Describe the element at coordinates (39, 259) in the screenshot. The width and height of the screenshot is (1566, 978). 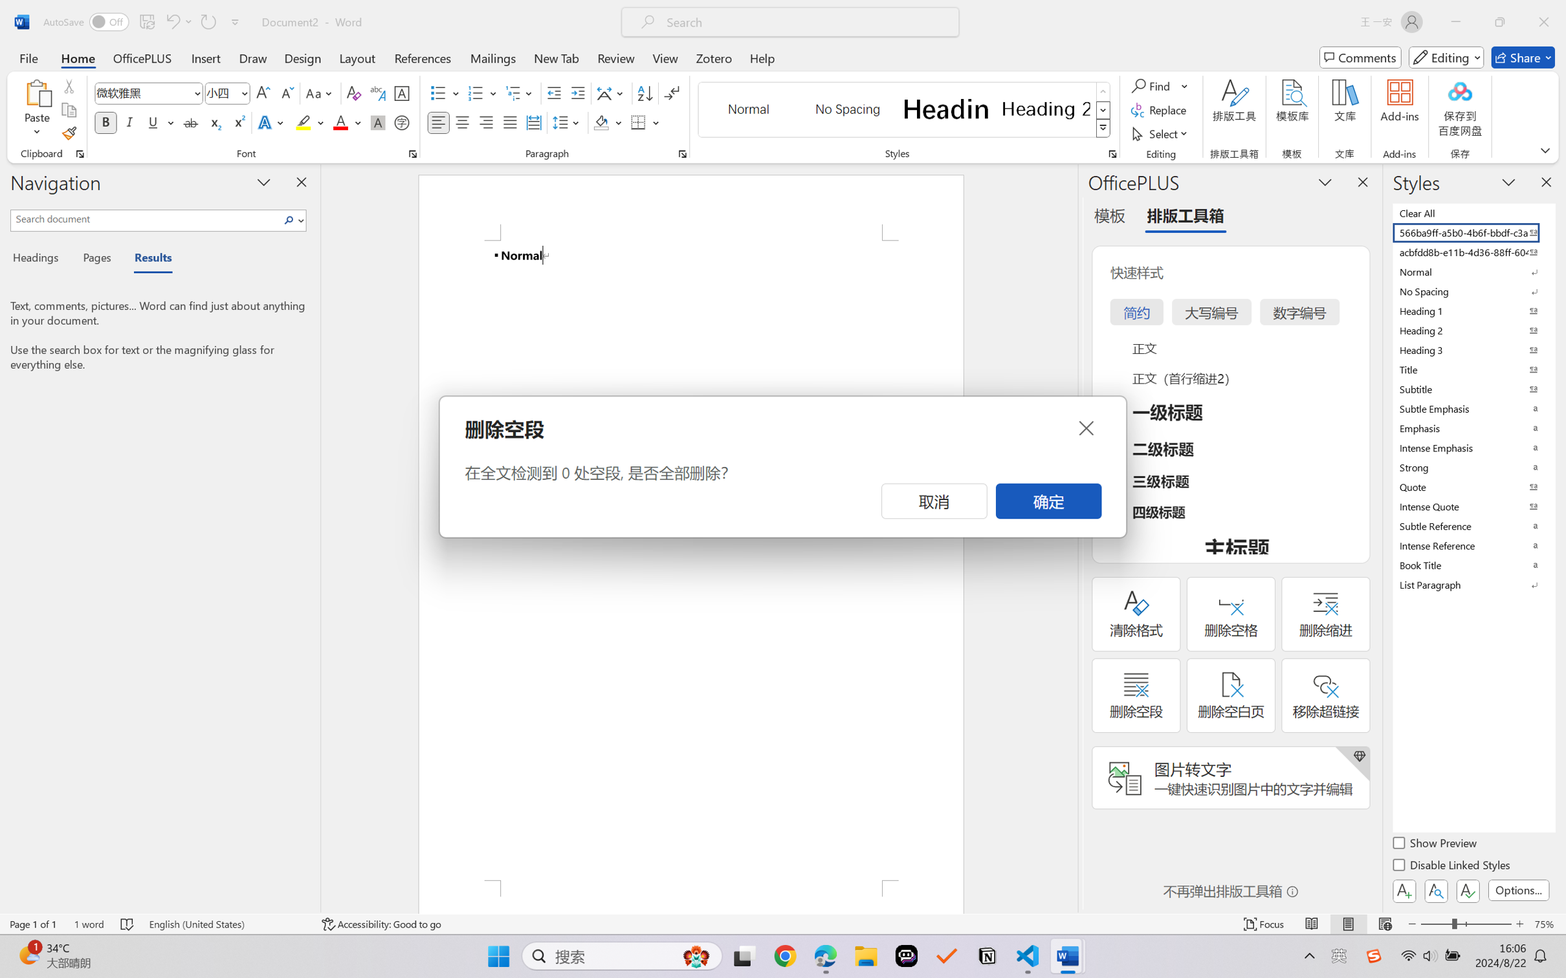
I see `'Headings'` at that location.